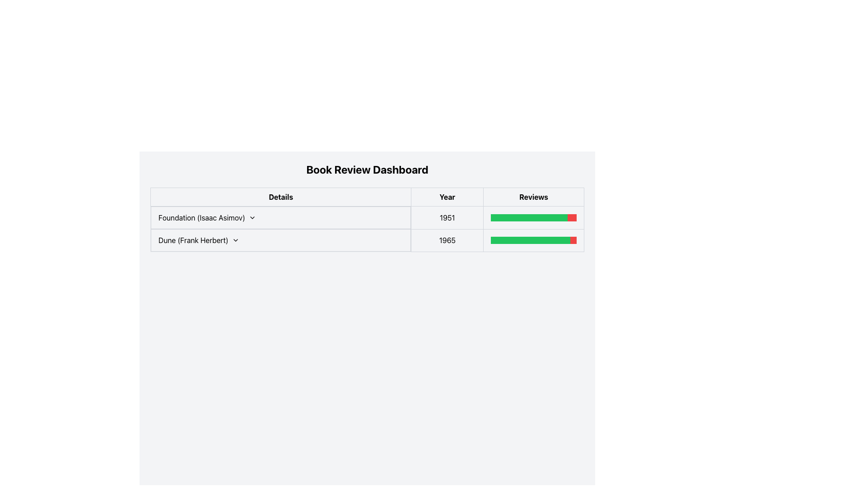 The height and width of the screenshot is (487, 867). Describe the element at coordinates (235, 239) in the screenshot. I see `the downward-pointing chevron arrow icon in the 'Details' column of the second row titled 'Dune (Frank Herbert)'` at that location.